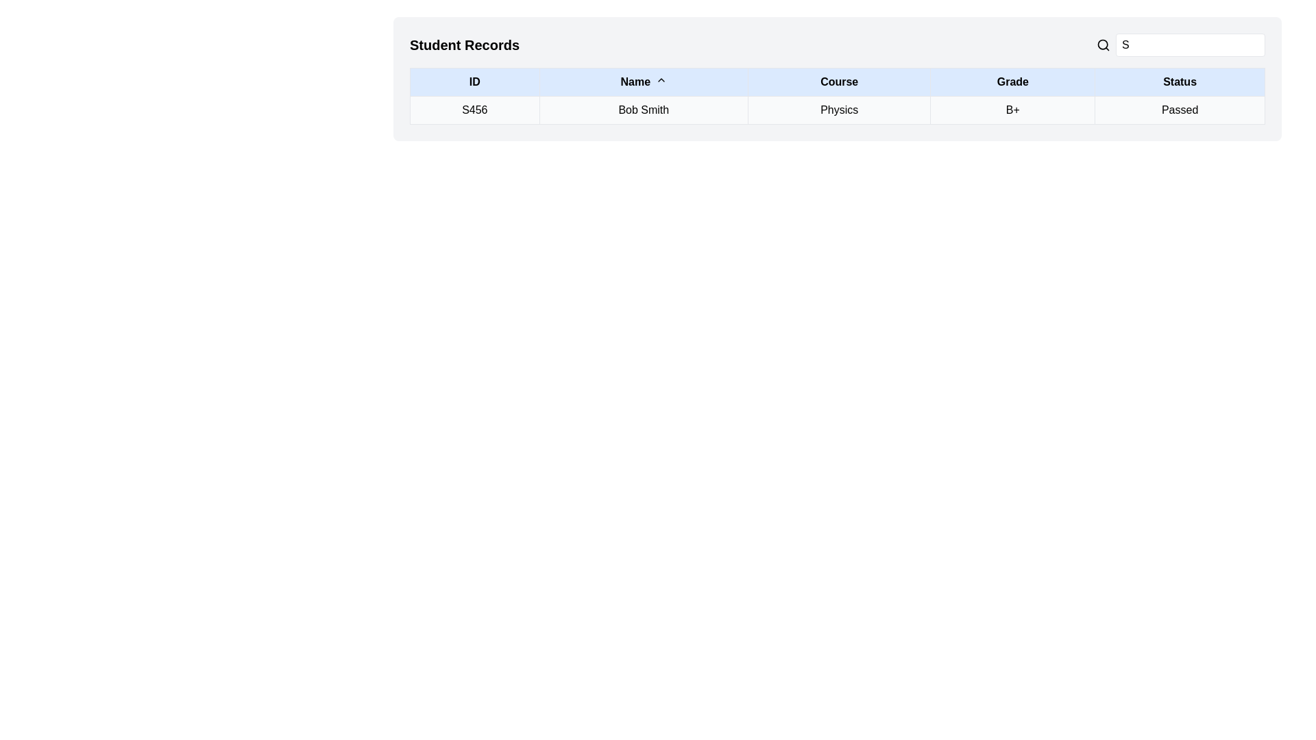 This screenshot has height=740, width=1316. Describe the element at coordinates (837, 82) in the screenshot. I see `the column header of the student records table` at that location.